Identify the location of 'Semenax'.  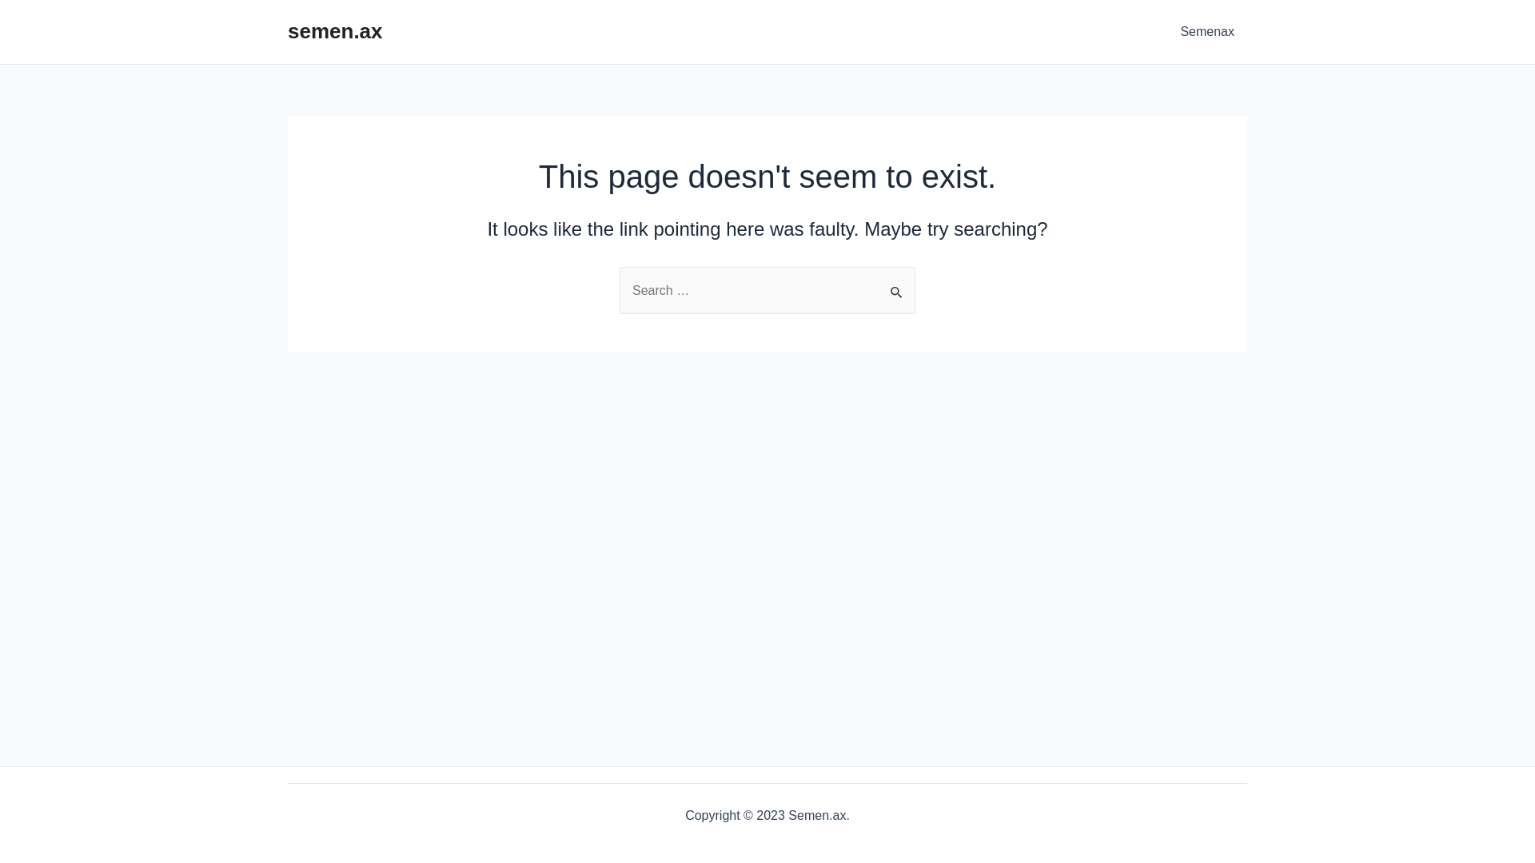
(1207, 31).